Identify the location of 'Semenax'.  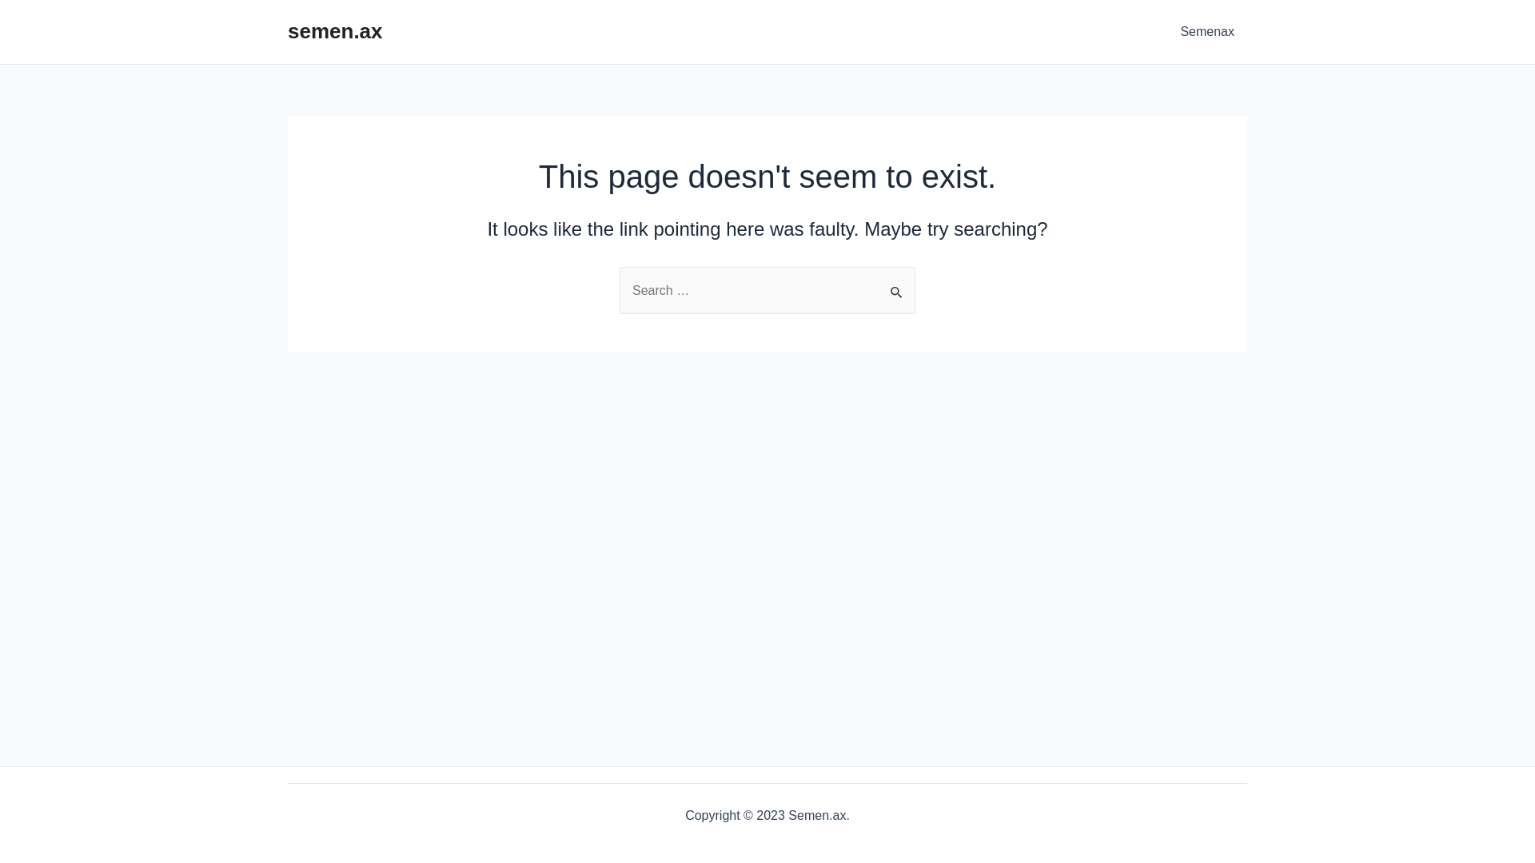
(1207, 31).